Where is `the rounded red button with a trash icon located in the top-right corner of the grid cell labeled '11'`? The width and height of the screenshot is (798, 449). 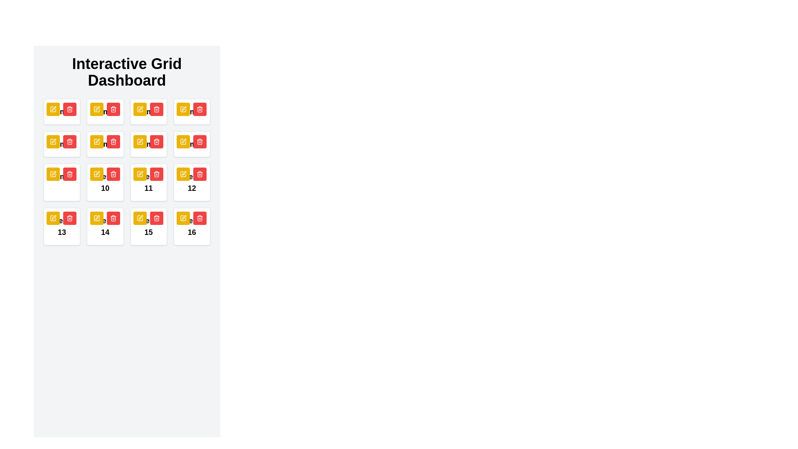 the rounded red button with a trash icon located in the top-right corner of the grid cell labeled '11' is located at coordinates (156, 109).